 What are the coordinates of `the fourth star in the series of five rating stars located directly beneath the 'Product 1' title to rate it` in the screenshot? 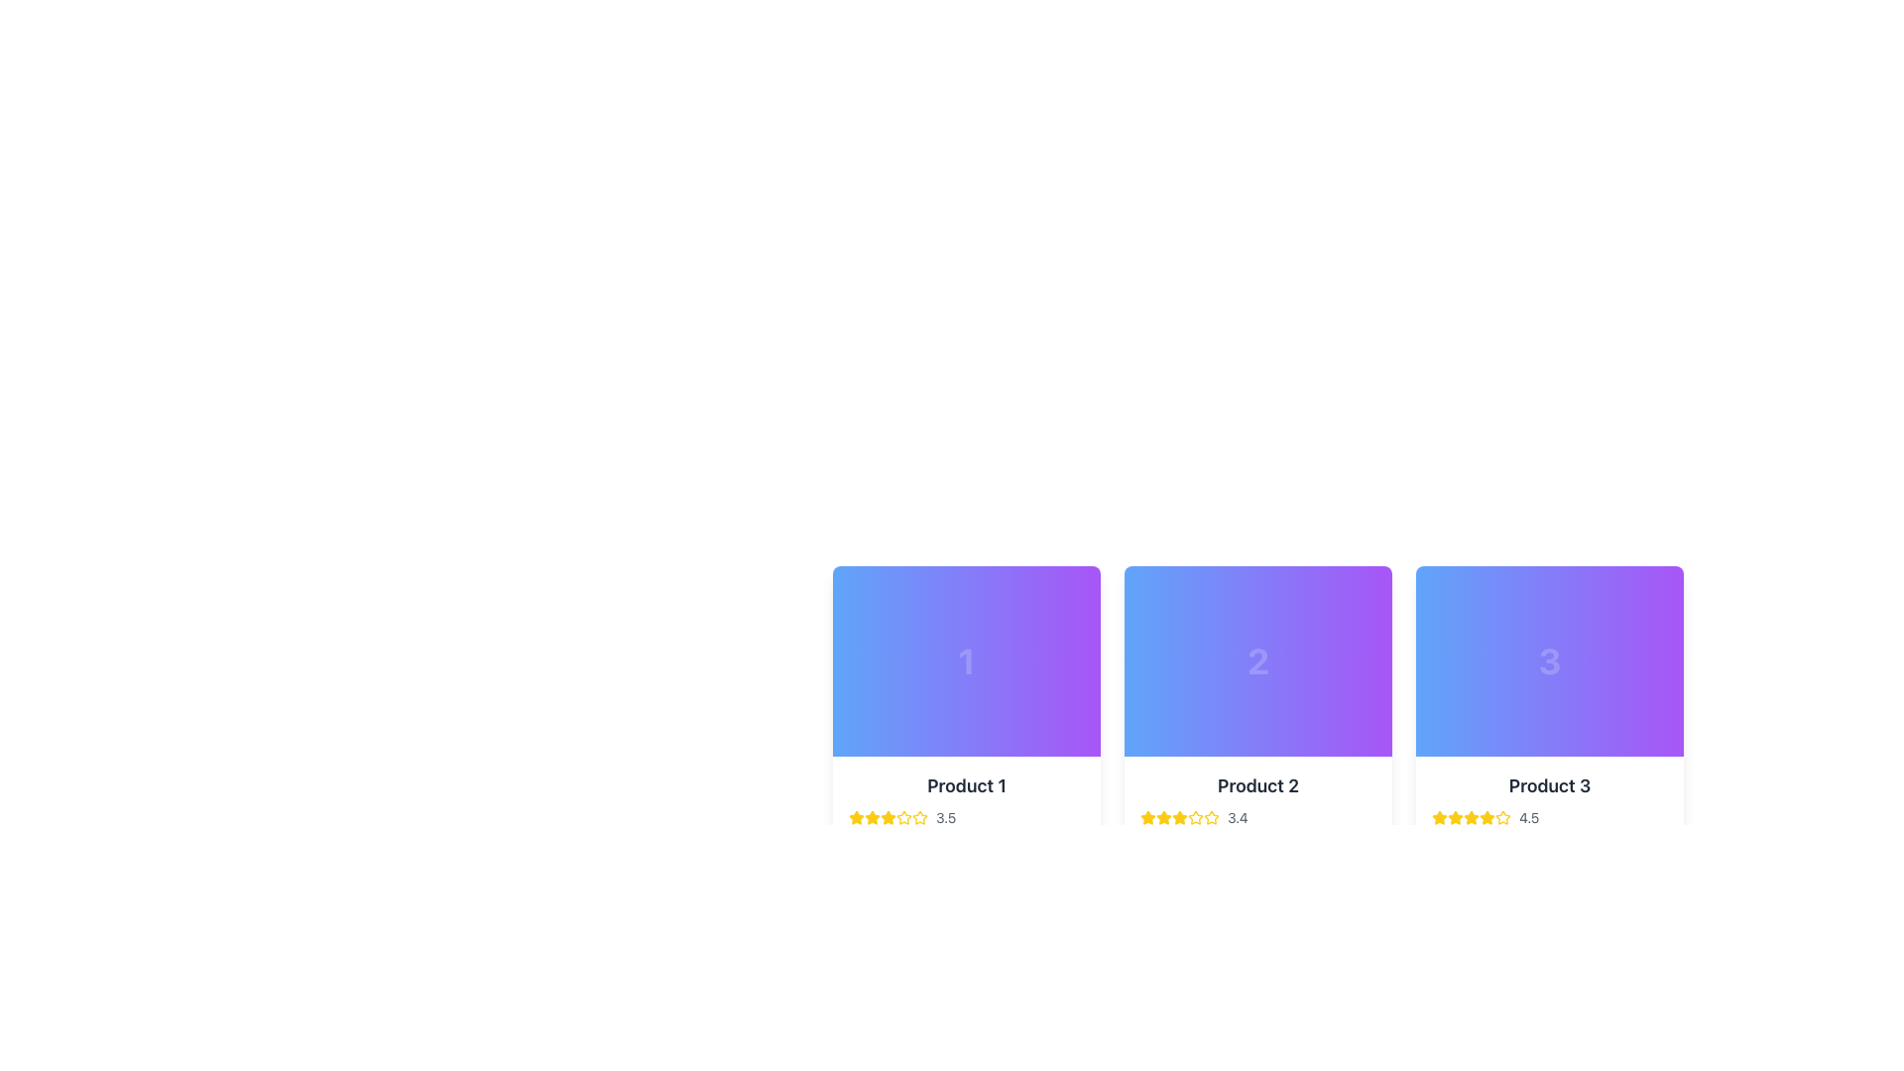 It's located at (888, 818).